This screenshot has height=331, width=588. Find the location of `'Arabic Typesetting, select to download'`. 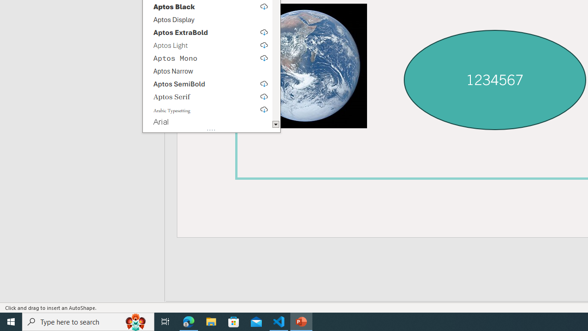

'Arabic Typesetting, select to download' is located at coordinates (207, 108).